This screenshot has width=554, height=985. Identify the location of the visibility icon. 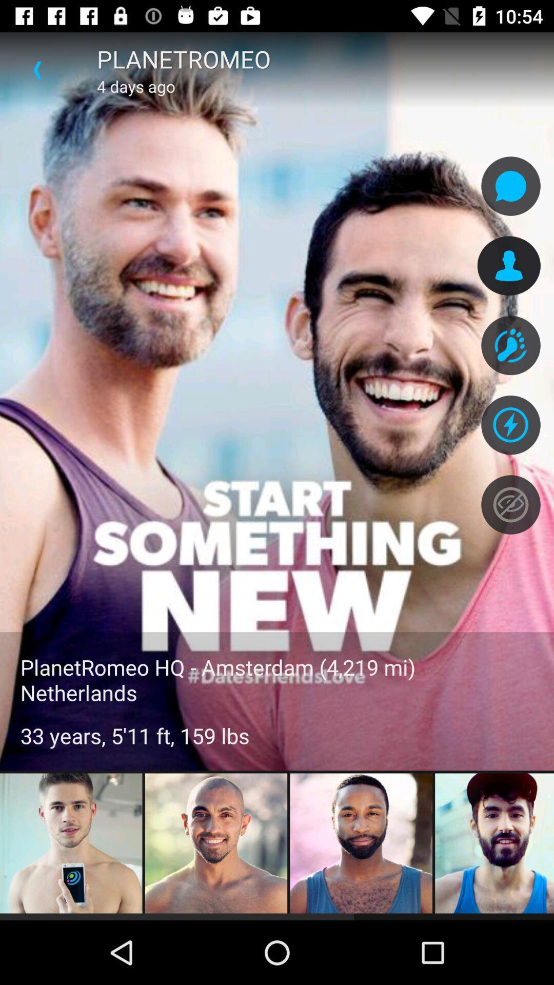
(510, 504).